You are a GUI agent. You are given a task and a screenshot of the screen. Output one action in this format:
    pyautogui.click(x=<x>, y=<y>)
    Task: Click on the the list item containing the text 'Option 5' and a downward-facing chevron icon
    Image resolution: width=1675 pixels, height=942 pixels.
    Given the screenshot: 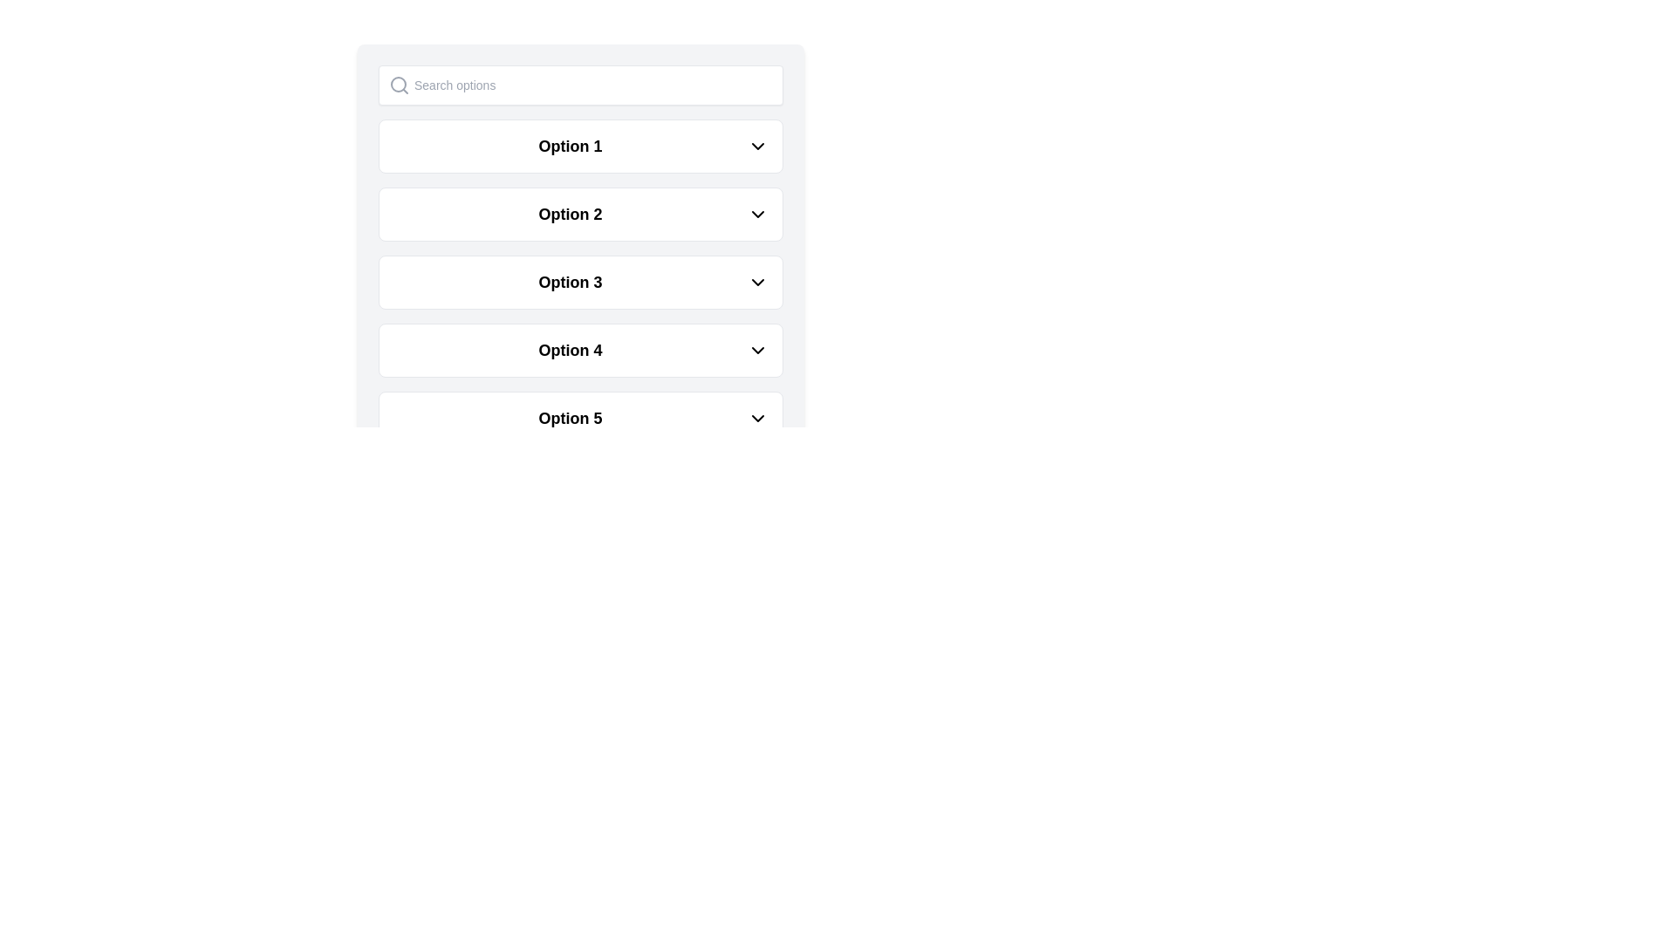 What is the action you would take?
    pyautogui.click(x=581, y=418)
    